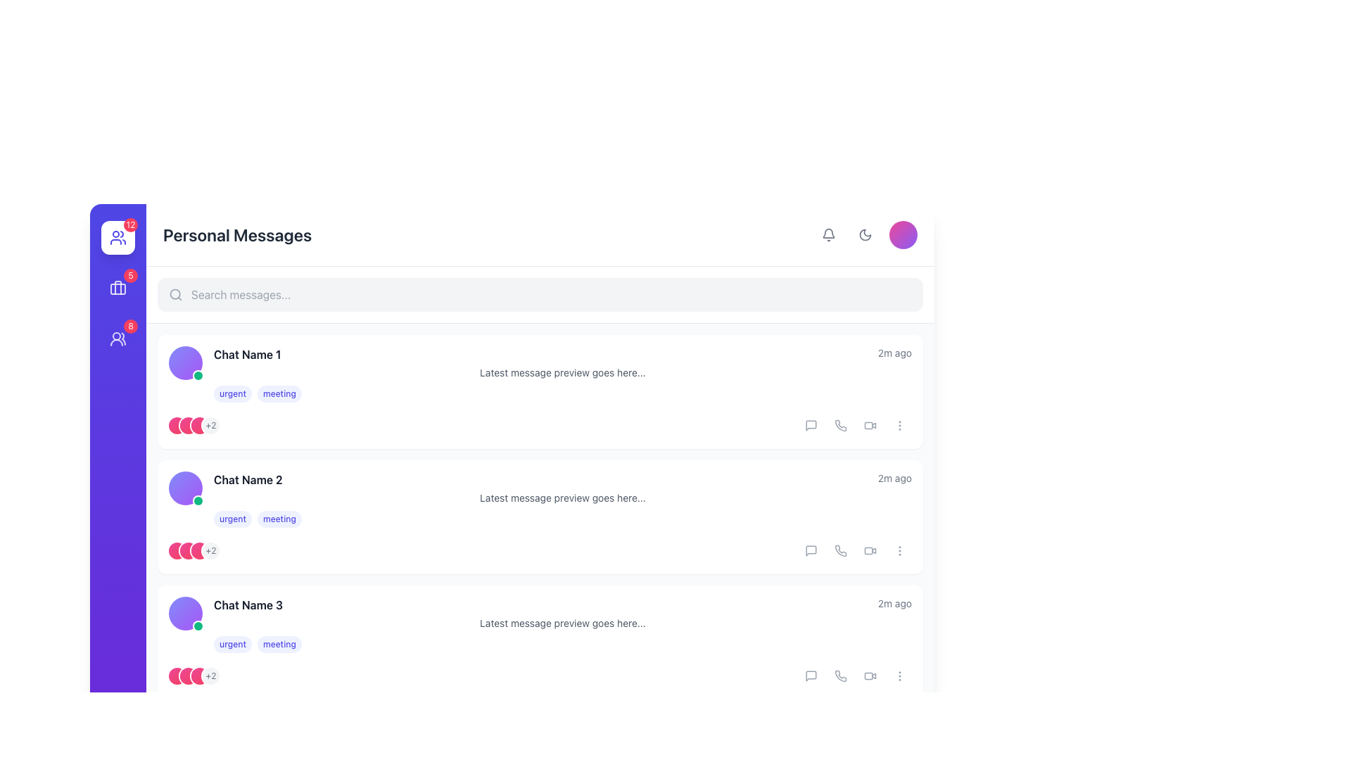  What do you see at coordinates (811, 425) in the screenshot?
I see `the speech bubble icon located on the right side of the 'Chat Name 1' section` at bounding box center [811, 425].